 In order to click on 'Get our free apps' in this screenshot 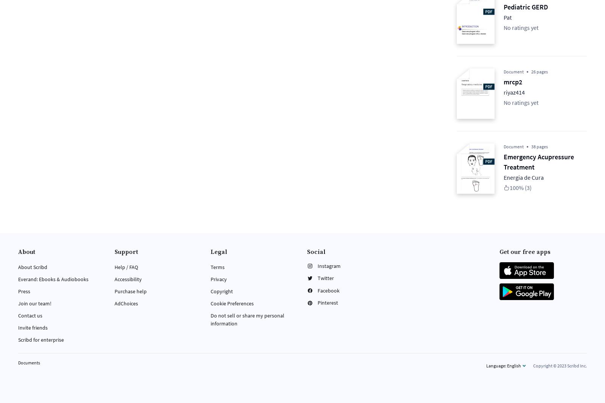, I will do `click(524, 252)`.